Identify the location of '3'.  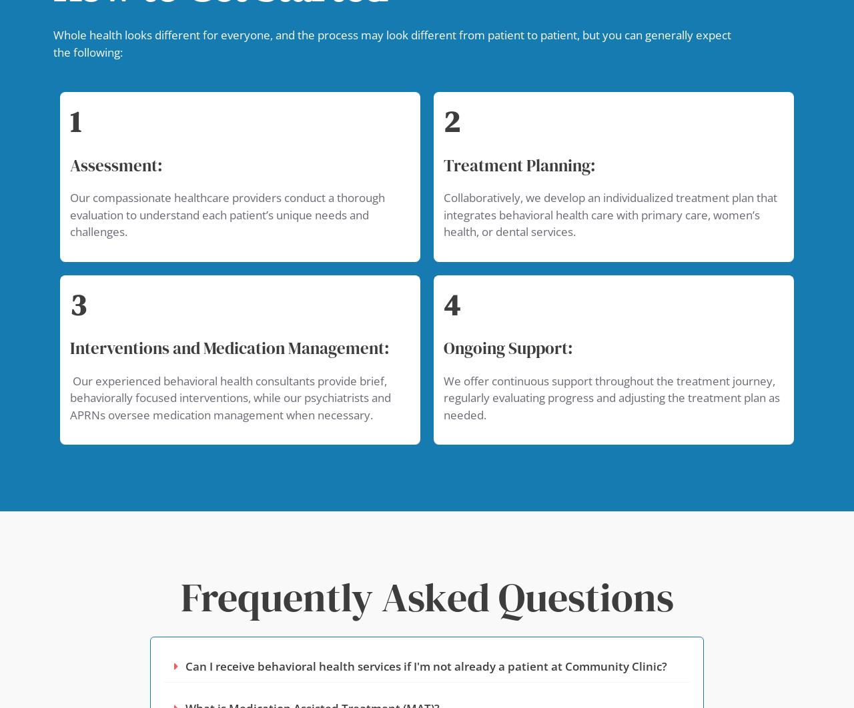
(77, 303).